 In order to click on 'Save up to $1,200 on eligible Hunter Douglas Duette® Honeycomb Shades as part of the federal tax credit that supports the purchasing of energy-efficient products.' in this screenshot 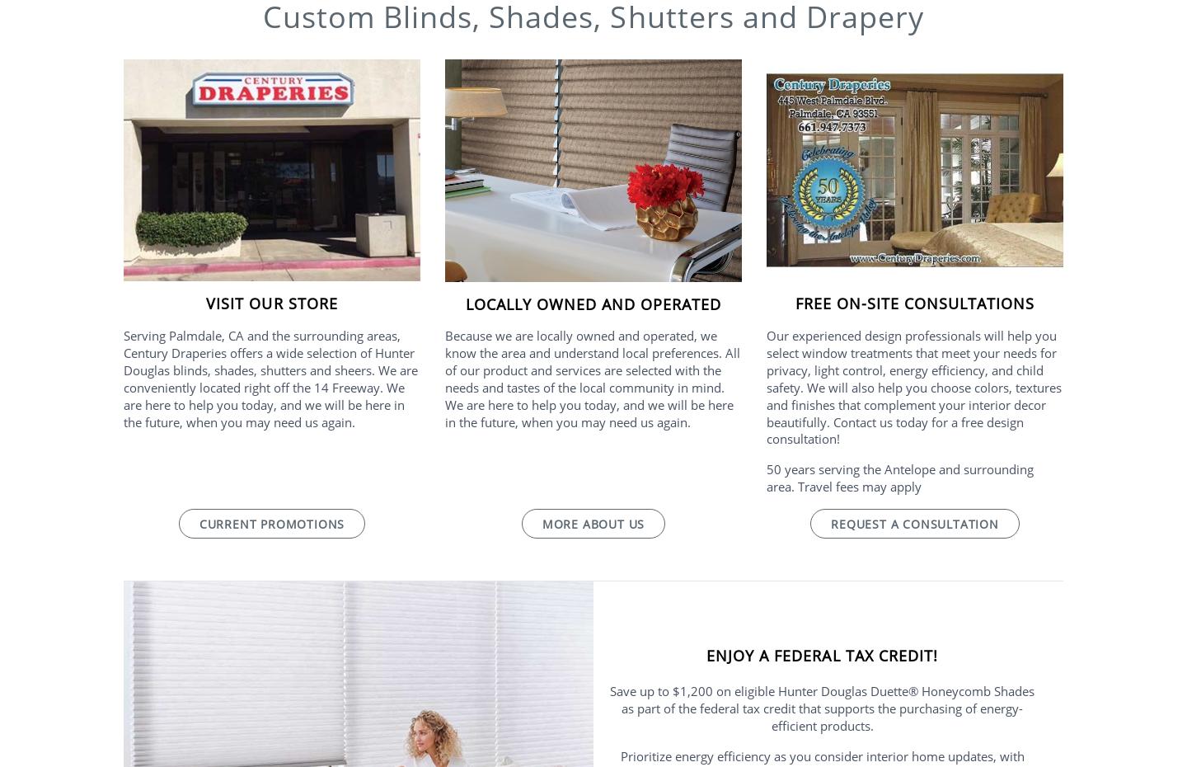, I will do `click(609, 708)`.